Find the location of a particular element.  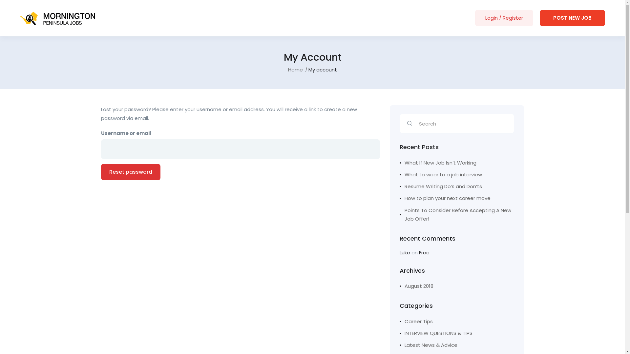

'Login / Register' is located at coordinates (504, 17).